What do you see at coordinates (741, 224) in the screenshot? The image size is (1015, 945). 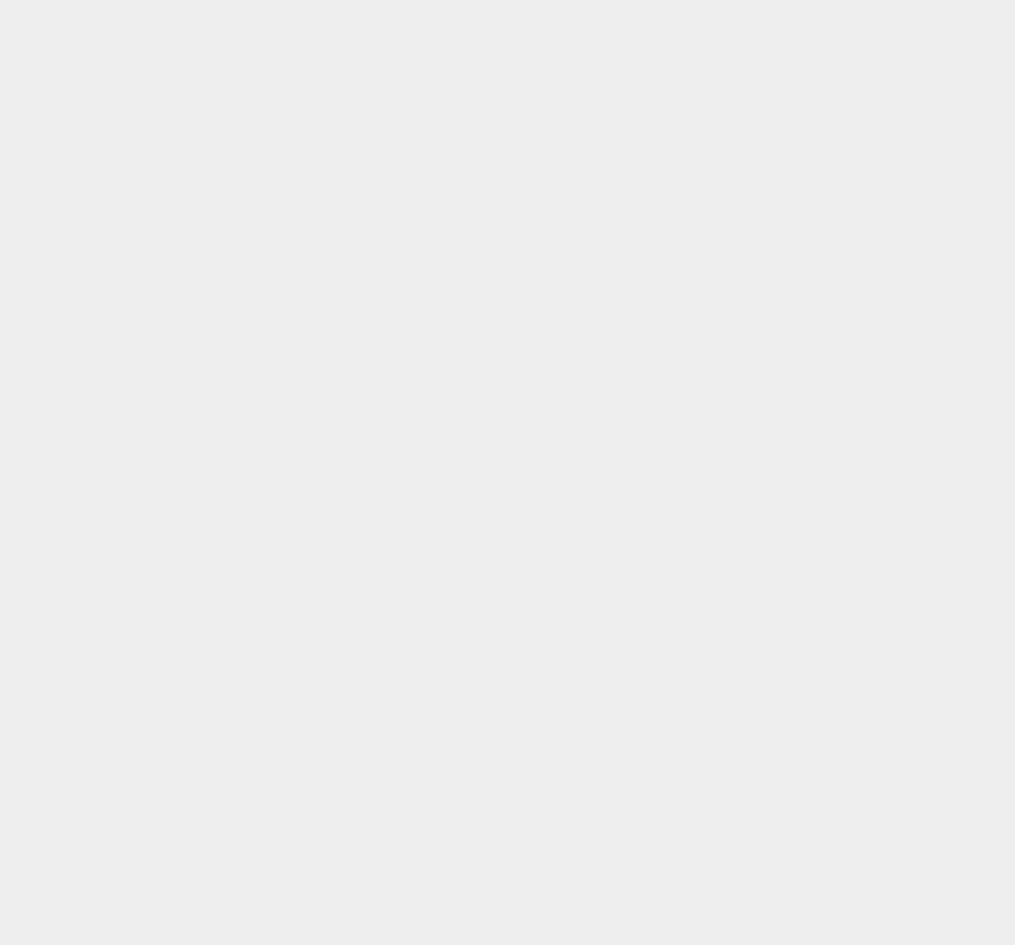 I see `'Apple TV'` at bounding box center [741, 224].